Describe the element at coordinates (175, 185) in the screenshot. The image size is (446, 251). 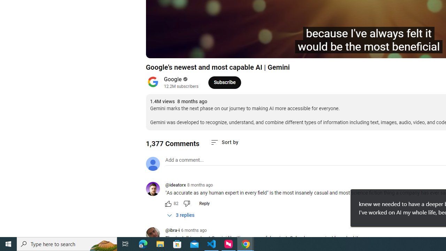
I see `'@ideatorx'` at that location.